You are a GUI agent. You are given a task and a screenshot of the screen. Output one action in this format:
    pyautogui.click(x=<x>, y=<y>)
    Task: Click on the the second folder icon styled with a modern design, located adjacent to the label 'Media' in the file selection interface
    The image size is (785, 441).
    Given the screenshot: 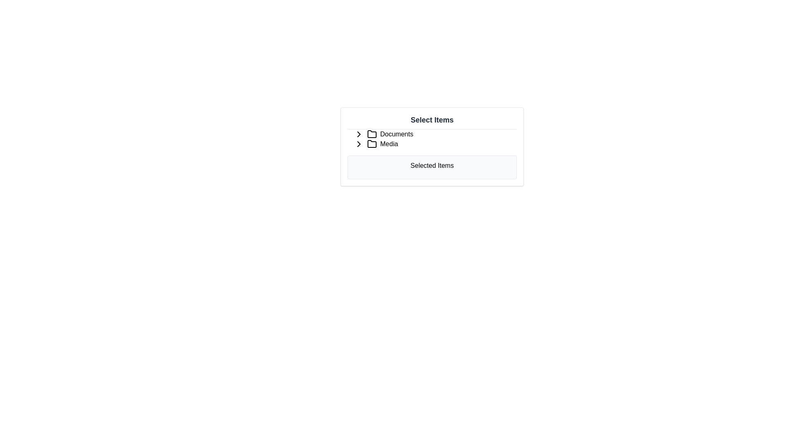 What is the action you would take?
    pyautogui.click(x=372, y=143)
    